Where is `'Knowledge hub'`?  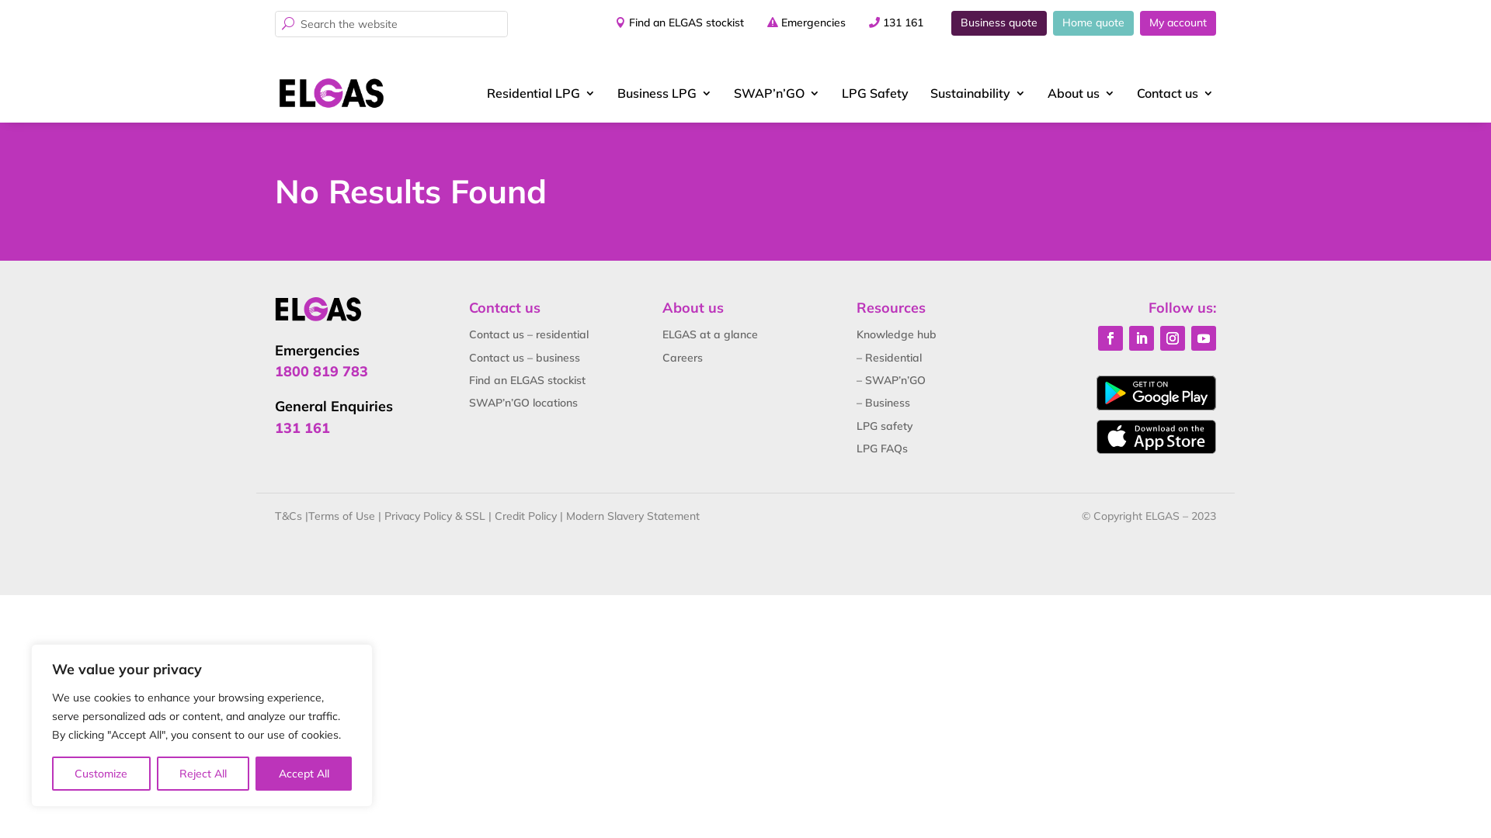
'Knowledge hub' is located at coordinates (896, 334).